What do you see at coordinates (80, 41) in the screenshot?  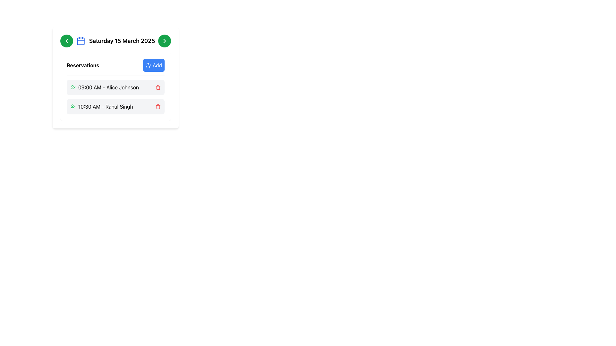 I see `the blue calendar icon located to the left of the date text 'Saturday 15 March 2025' in the 'Reservations' panel` at bounding box center [80, 41].